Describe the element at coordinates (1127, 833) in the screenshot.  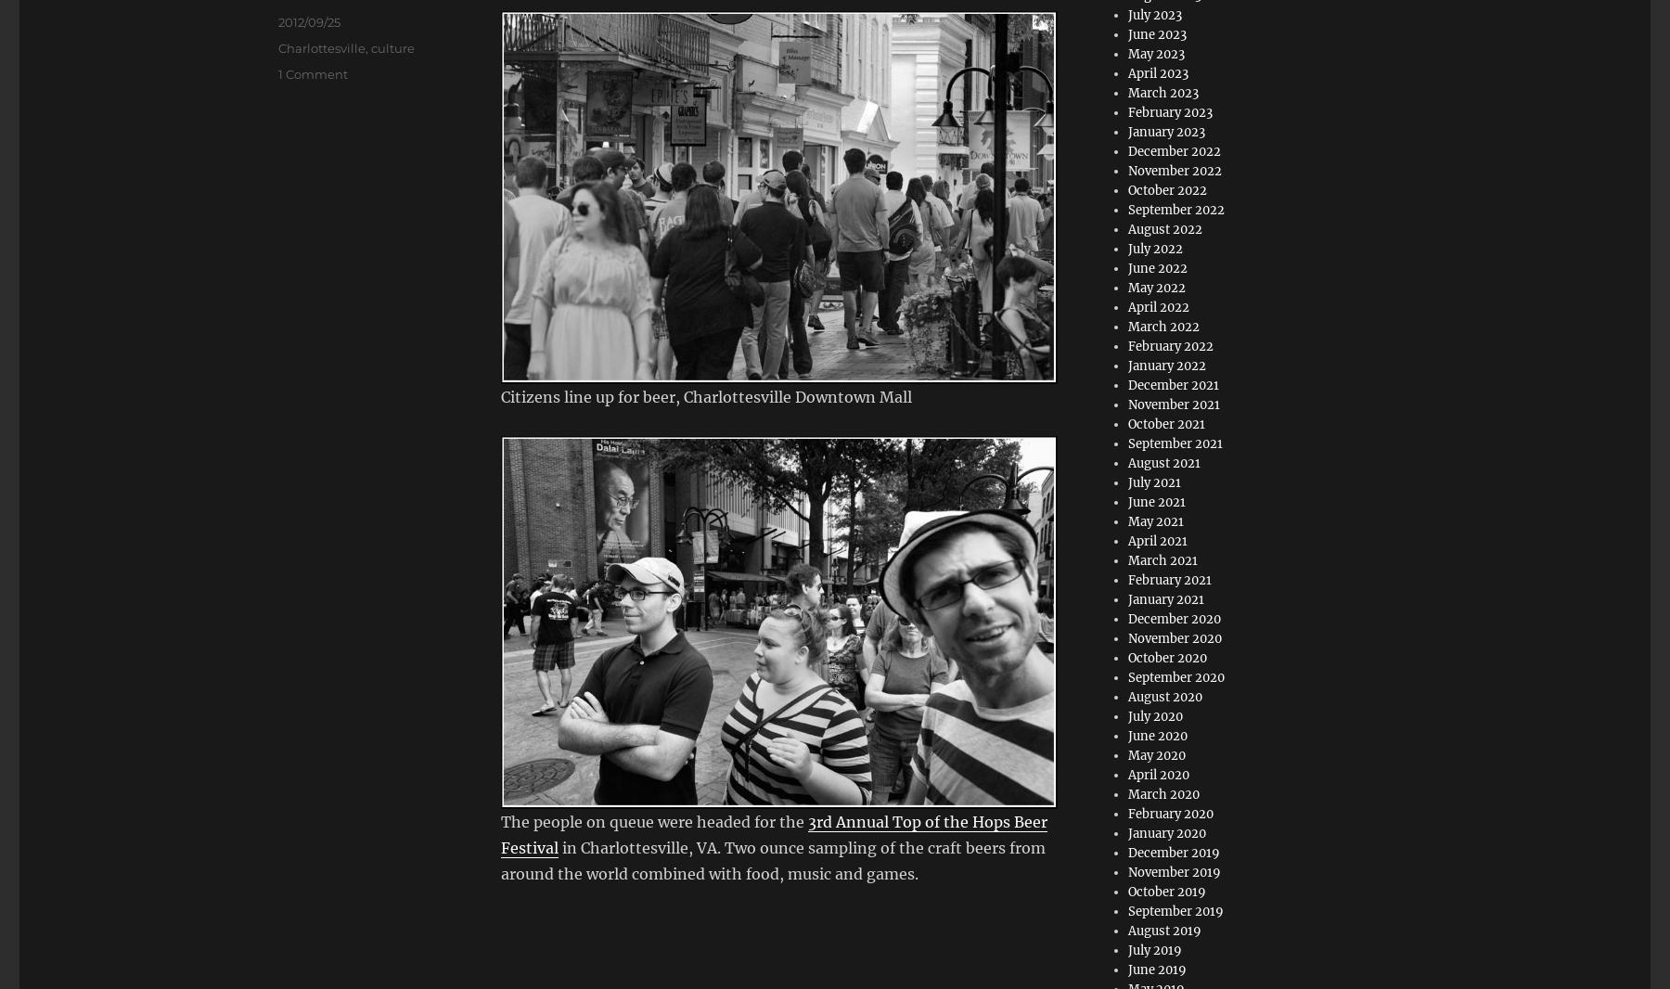
I see `'January 2020'` at that location.